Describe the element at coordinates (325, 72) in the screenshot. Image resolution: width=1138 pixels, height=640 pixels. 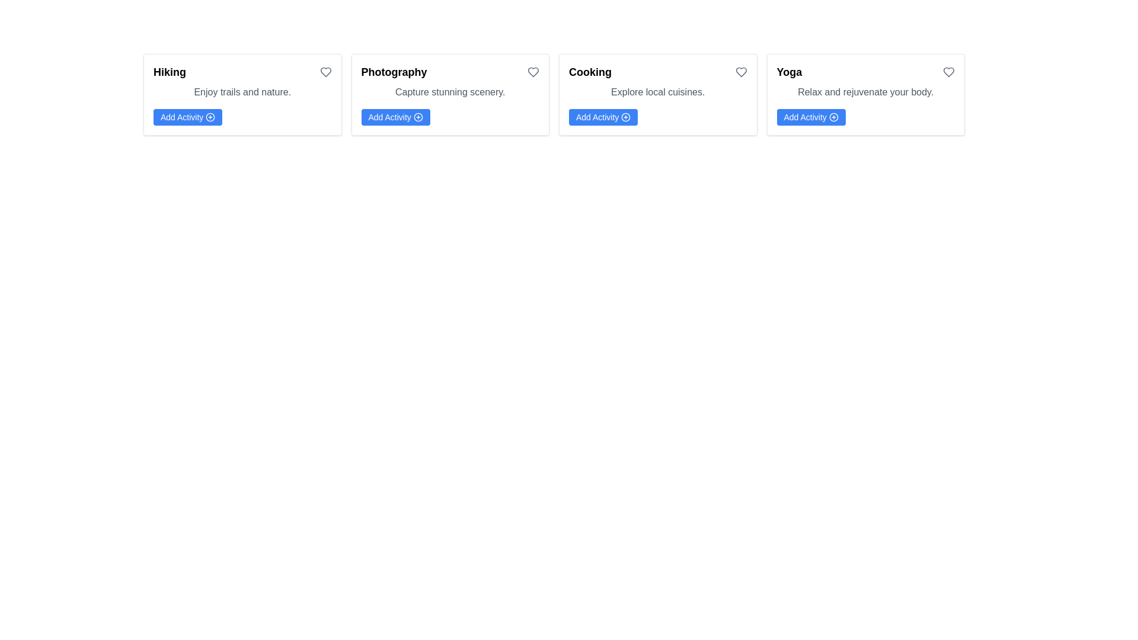
I see `the heart icon located at the top-right corner of the 'Hiking' card` at that location.